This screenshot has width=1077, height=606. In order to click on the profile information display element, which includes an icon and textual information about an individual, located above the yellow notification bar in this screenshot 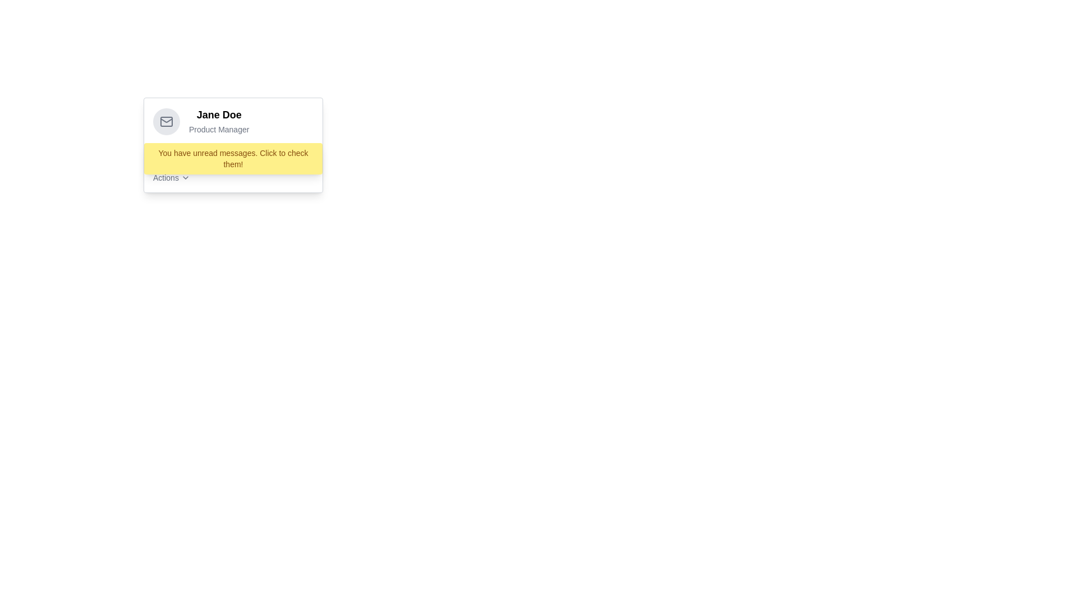, I will do `click(233, 121)`.